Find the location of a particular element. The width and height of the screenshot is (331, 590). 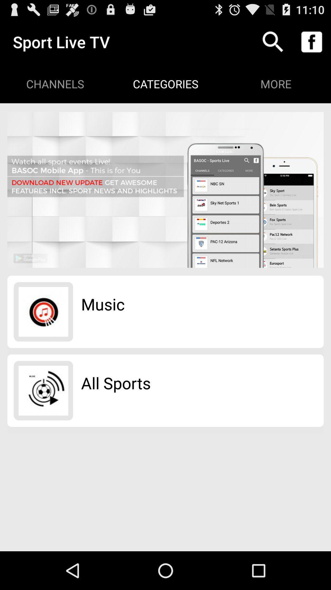

the all sports at the center is located at coordinates (116, 383).